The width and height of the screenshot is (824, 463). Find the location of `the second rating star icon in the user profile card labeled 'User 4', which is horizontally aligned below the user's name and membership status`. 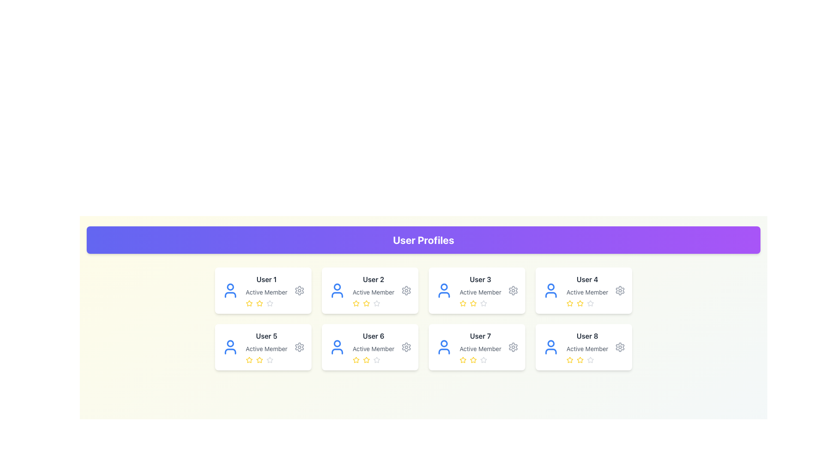

the second rating star icon in the user profile card labeled 'User 4', which is horizontally aligned below the user's name and membership status is located at coordinates (580, 303).